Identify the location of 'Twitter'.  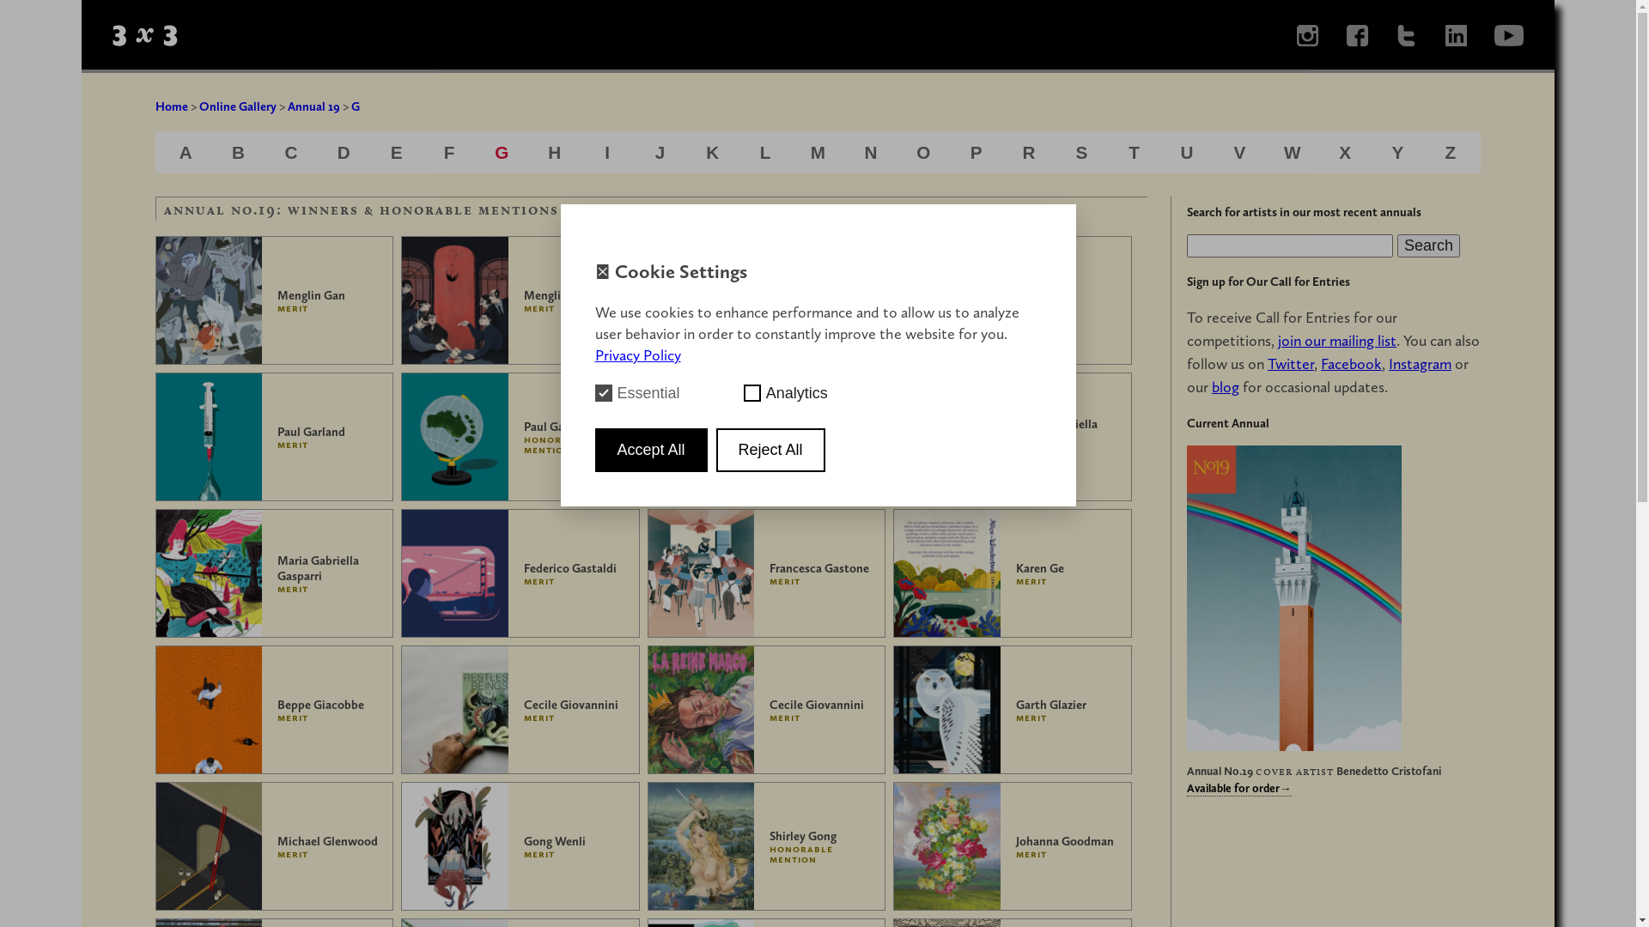
(1290, 363).